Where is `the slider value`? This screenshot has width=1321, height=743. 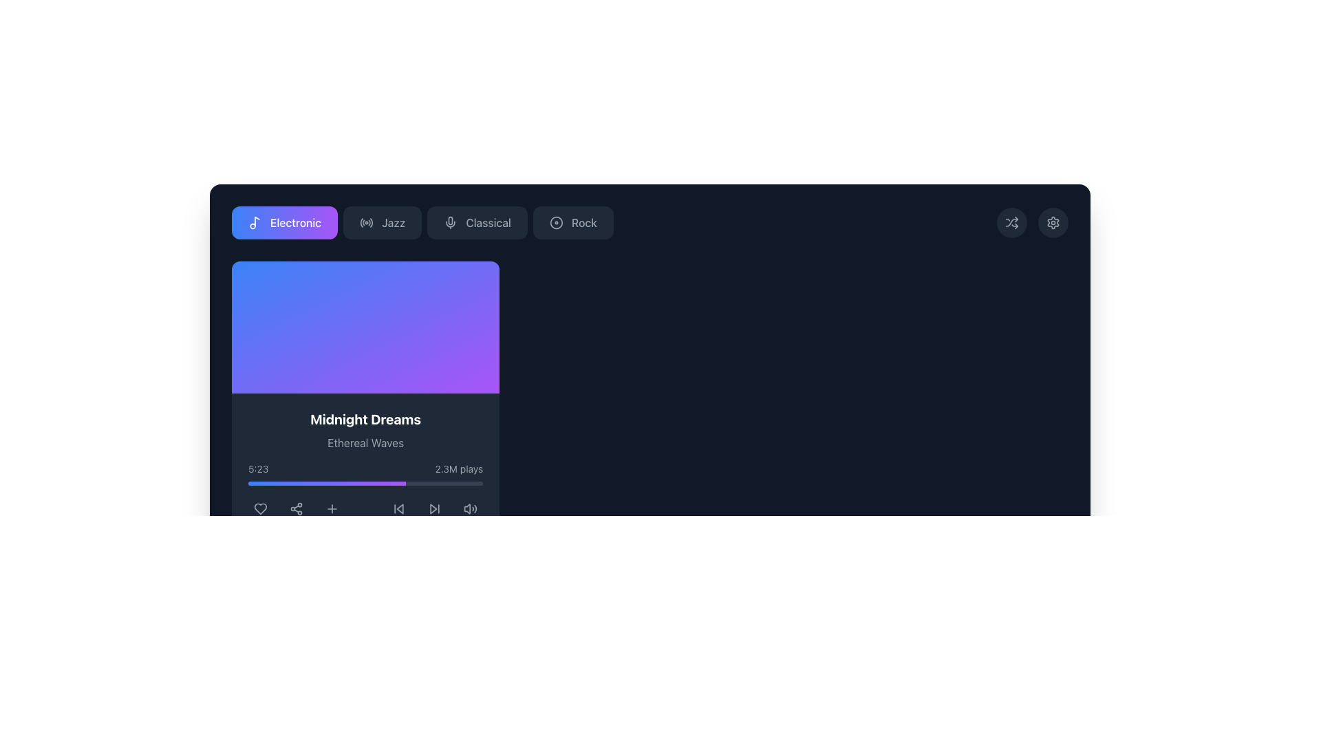
the slider value is located at coordinates (309, 482).